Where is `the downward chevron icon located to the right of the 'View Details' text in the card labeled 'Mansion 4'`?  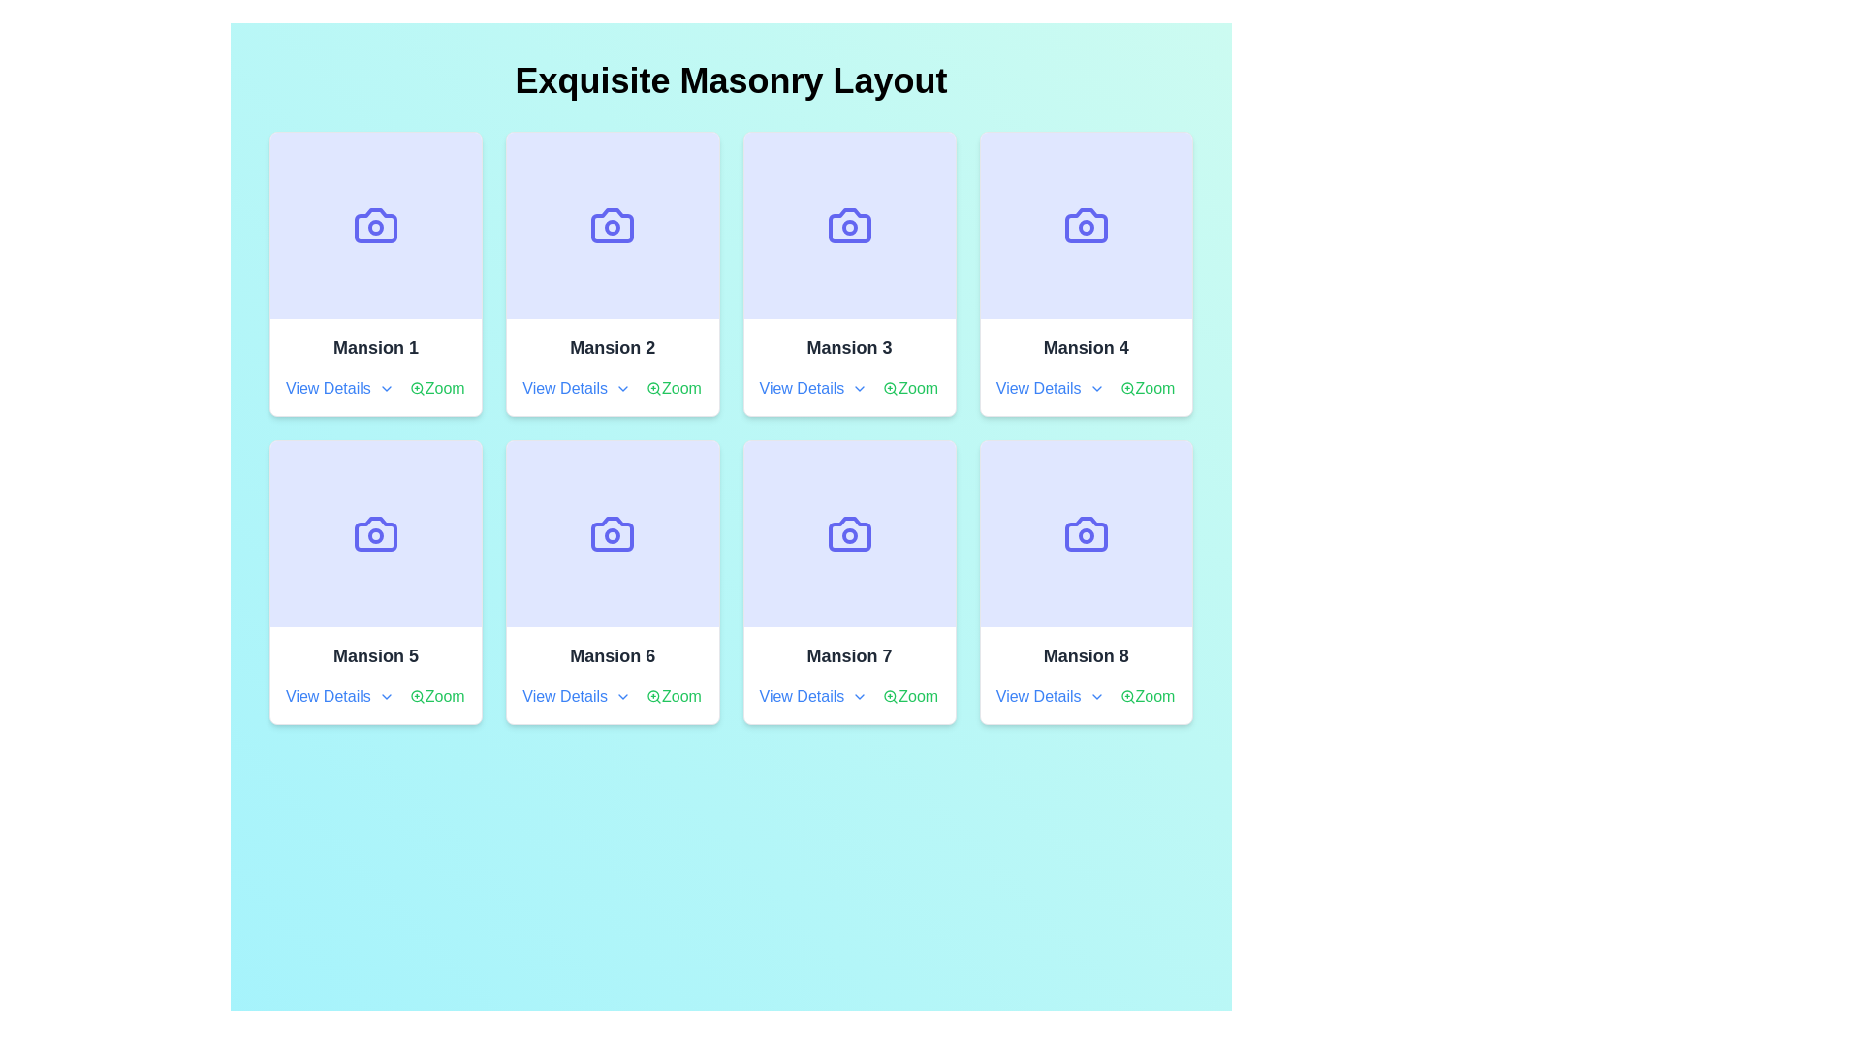
the downward chevron icon located to the right of the 'View Details' text in the card labeled 'Mansion 4' is located at coordinates (1096, 389).